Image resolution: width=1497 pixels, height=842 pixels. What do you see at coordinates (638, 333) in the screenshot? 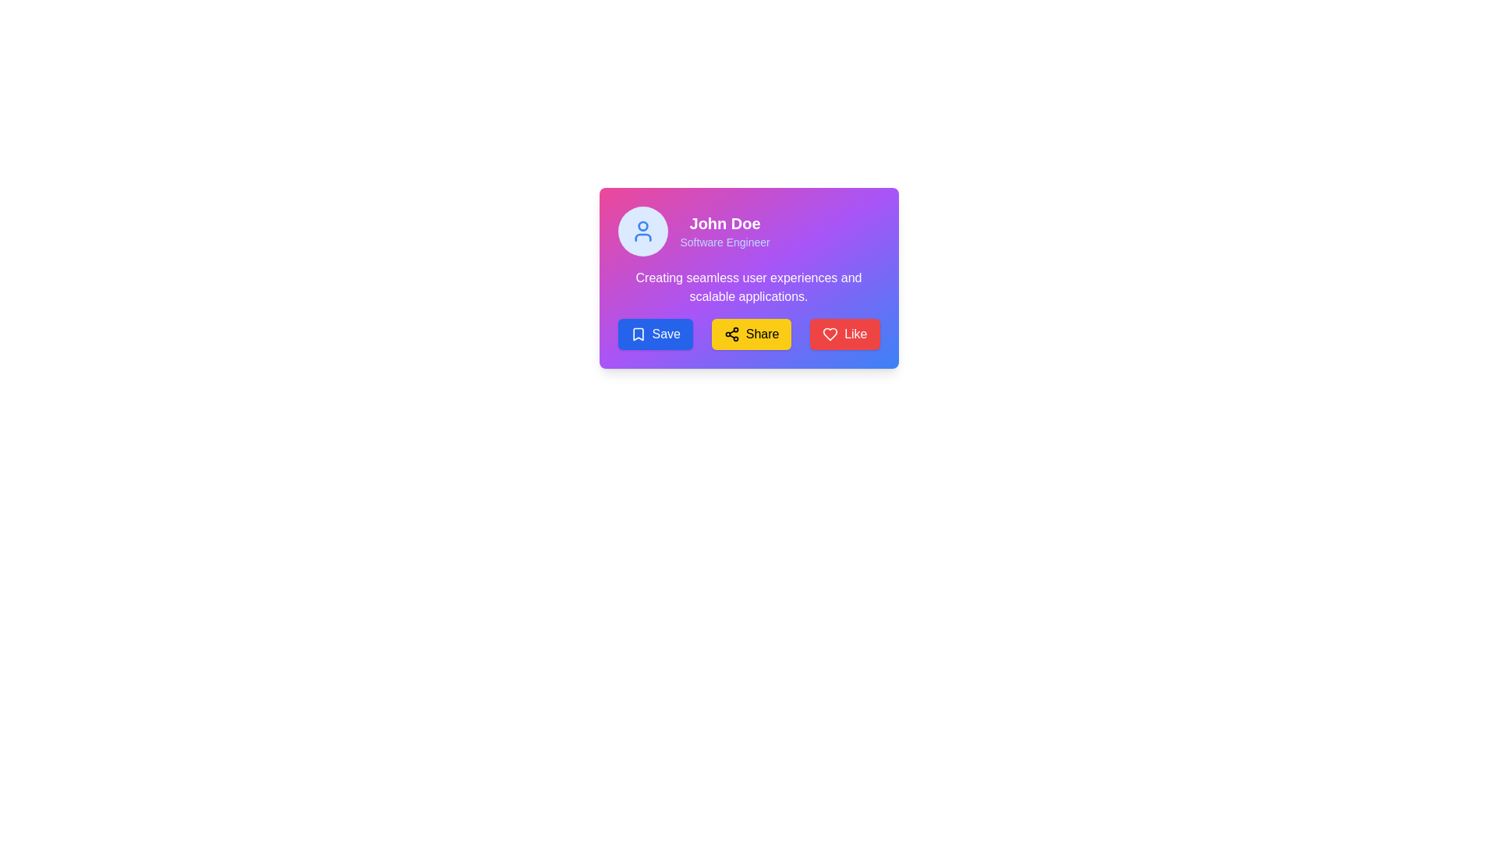
I see `the bookmark-shaped icon with a blue outline located at the top portion of the buttons within a card-like UI component` at bounding box center [638, 333].